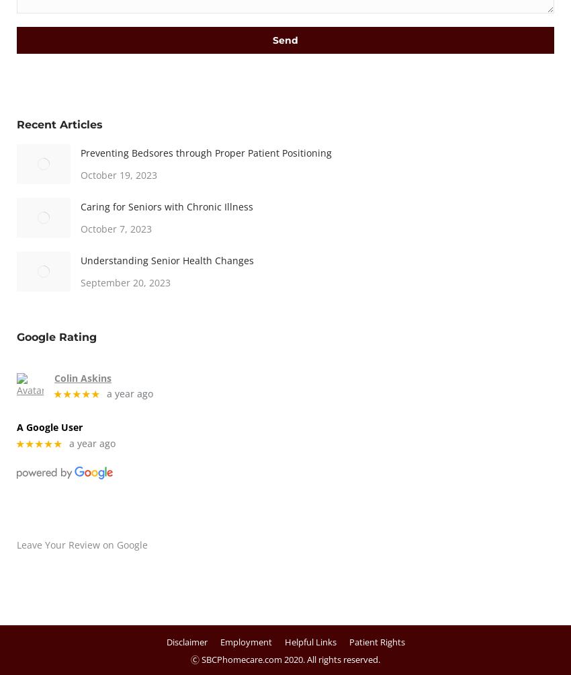 This screenshot has width=571, height=675. I want to click on 'Helpful Links', so click(309, 641).